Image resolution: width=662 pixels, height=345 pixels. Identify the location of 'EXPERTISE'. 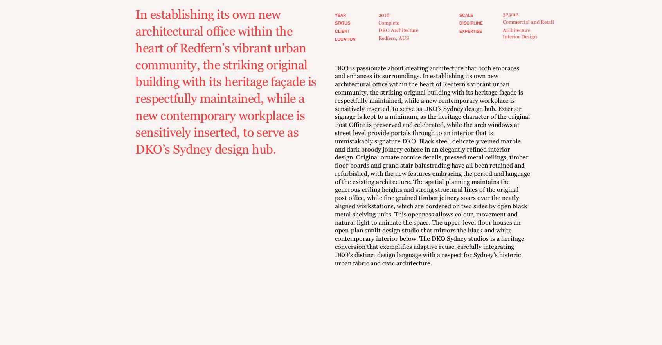
(459, 31).